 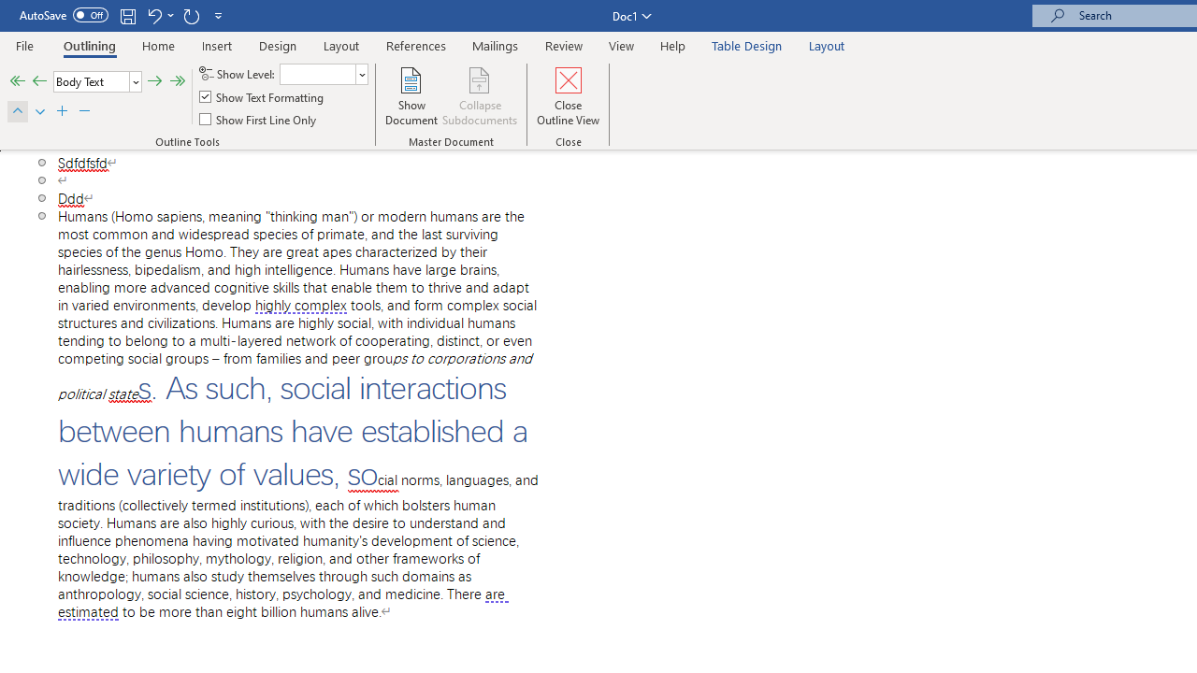 I want to click on 'Undo Outline Move Up', so click(x=153, y=15).